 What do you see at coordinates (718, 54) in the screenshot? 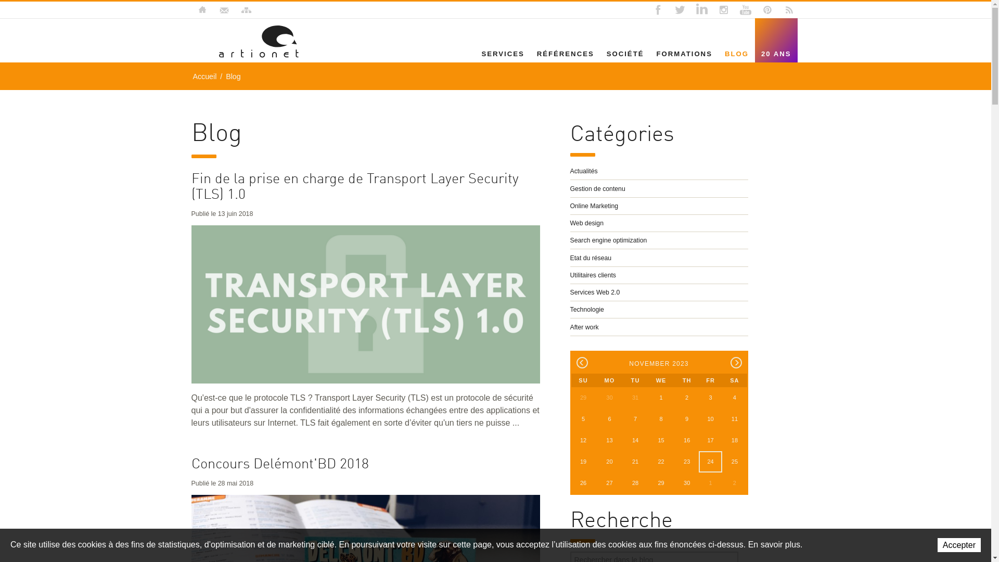
I see `'BLOG'` at bounding box center [718, 54].